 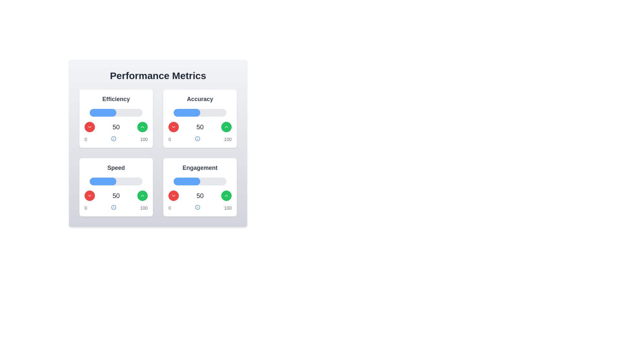 What do you see at coordinates (200, 99) in the screenshot?
I see `the 'Accuracy' label which is displayed in bold, dark-gray text at the top center of the 'Accuracy' metric card` at bounding box center [200, 99].